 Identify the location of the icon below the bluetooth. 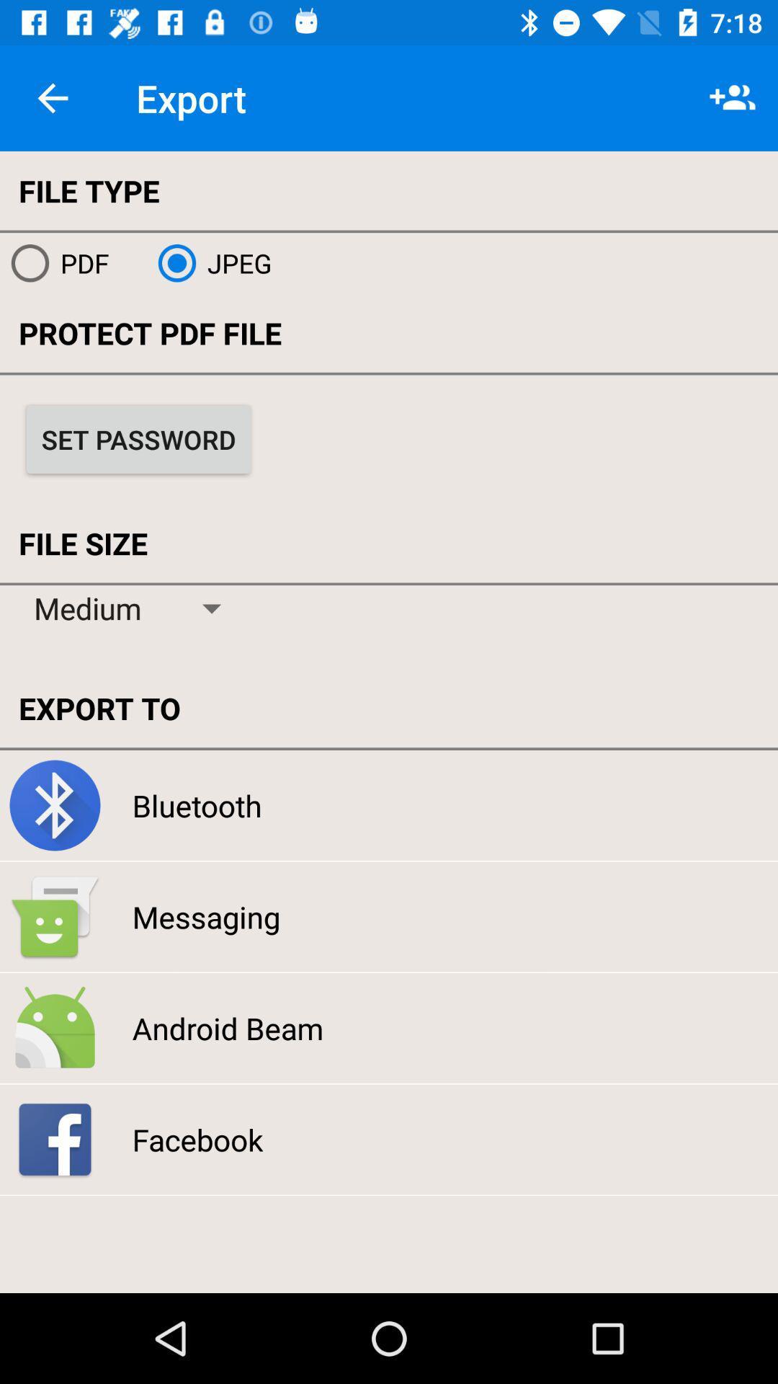
(206, 916).